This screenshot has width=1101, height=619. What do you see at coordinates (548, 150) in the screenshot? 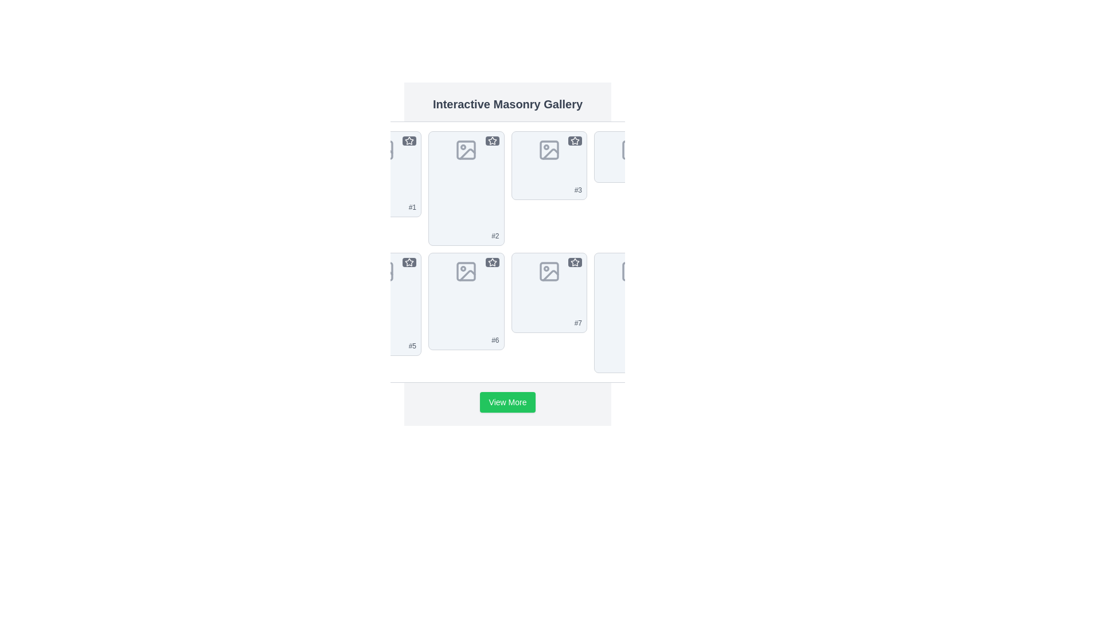
I see `the icon that serves as a visual indicator for an image, positioned centrally within card '#3' in the masonry gallery` at bounding box center [548, 150].